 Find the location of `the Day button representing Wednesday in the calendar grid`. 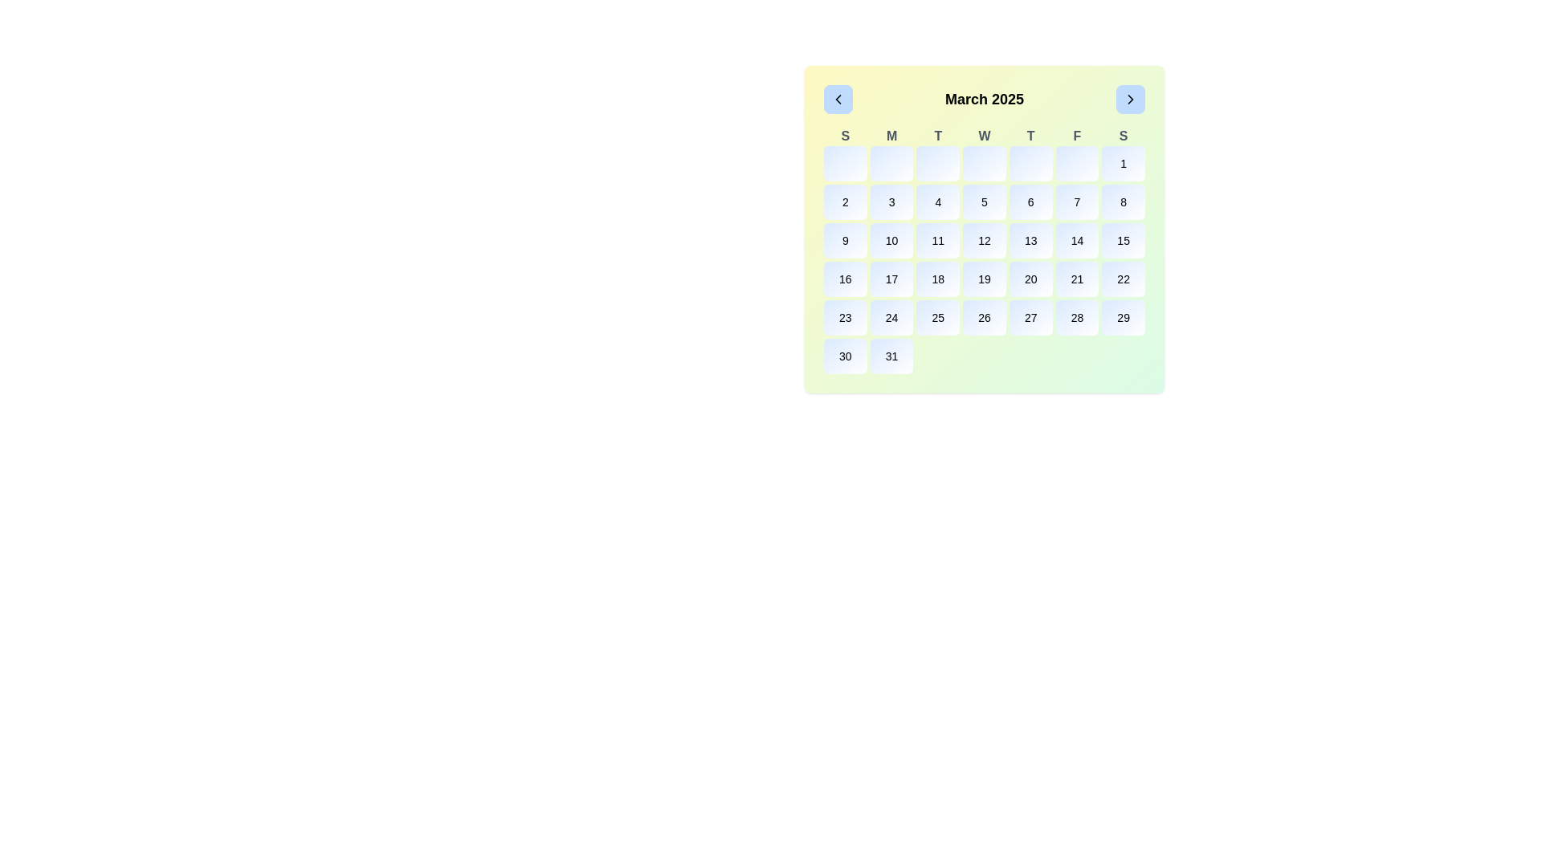

the Day button representing Wednesday in the calendar grid is located at coordinates (937, 164).